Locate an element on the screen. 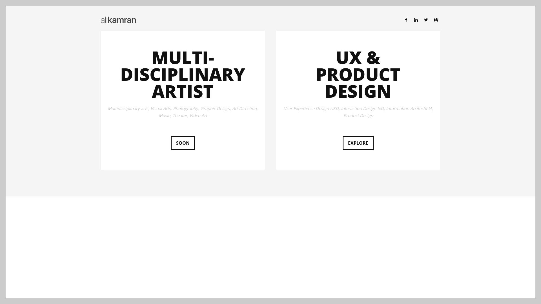  'Medium' is located at coordinates (435, 19).